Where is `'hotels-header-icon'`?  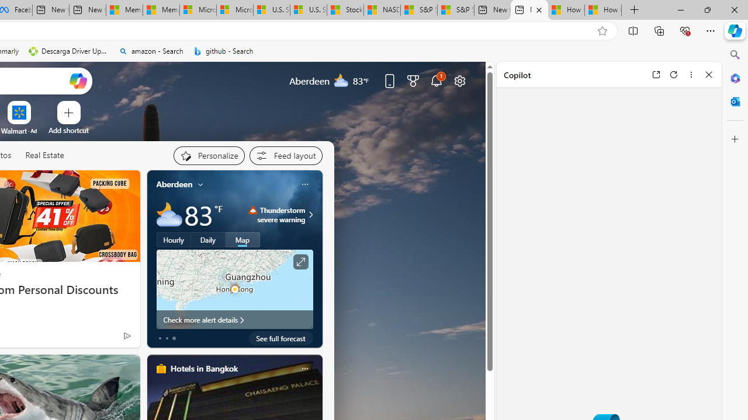 'hotels-header-icon' is located at coordinates (160, 369).